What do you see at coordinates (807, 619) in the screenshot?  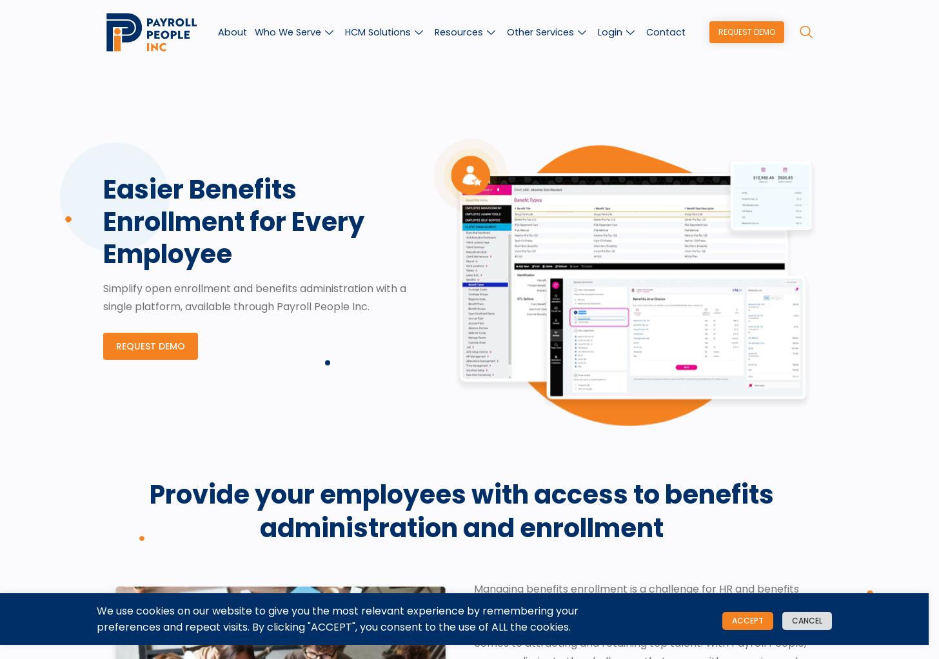 I see `'Cancel'` at bounding box center [807, 619].